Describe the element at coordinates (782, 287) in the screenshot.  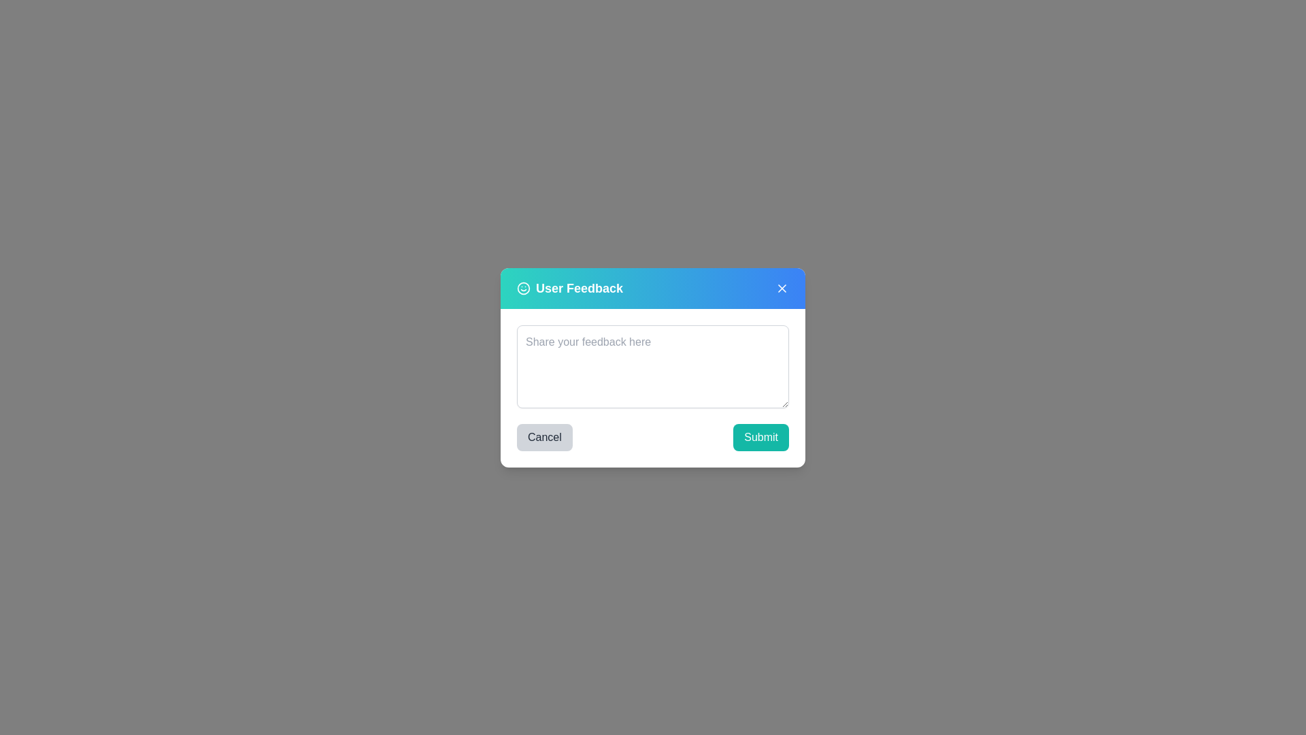
I see `the close button to close the feedback dialog` at that location.